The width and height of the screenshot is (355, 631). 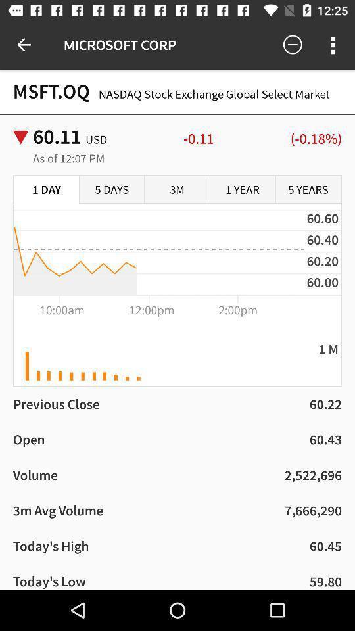 I want to click on icon next to the 1 day item, so click(x=112, y=189).